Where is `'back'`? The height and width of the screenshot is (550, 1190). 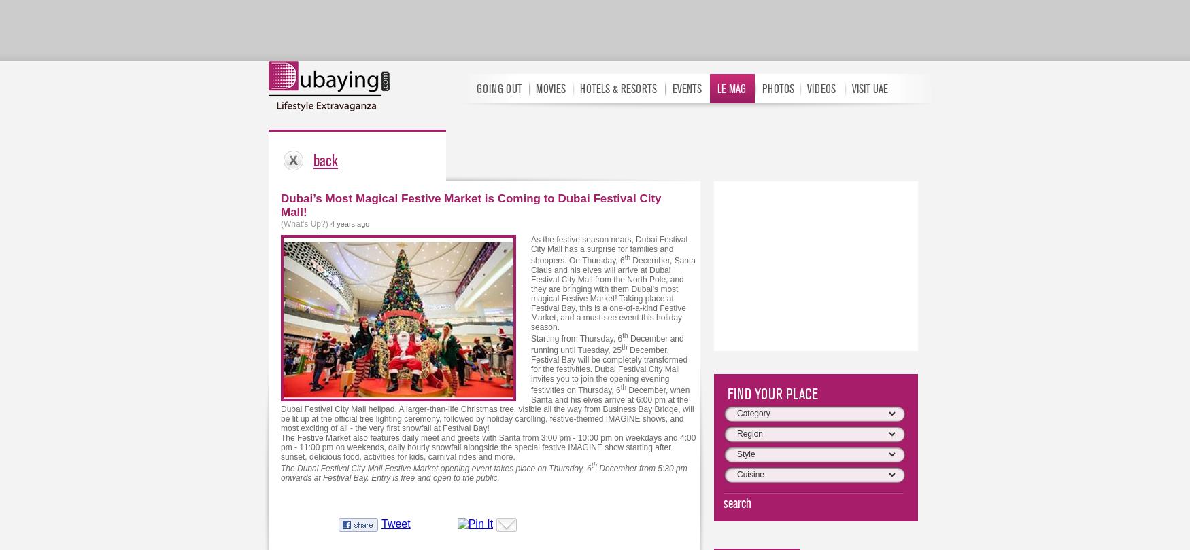 'back' is located at coordinates (313, 160).